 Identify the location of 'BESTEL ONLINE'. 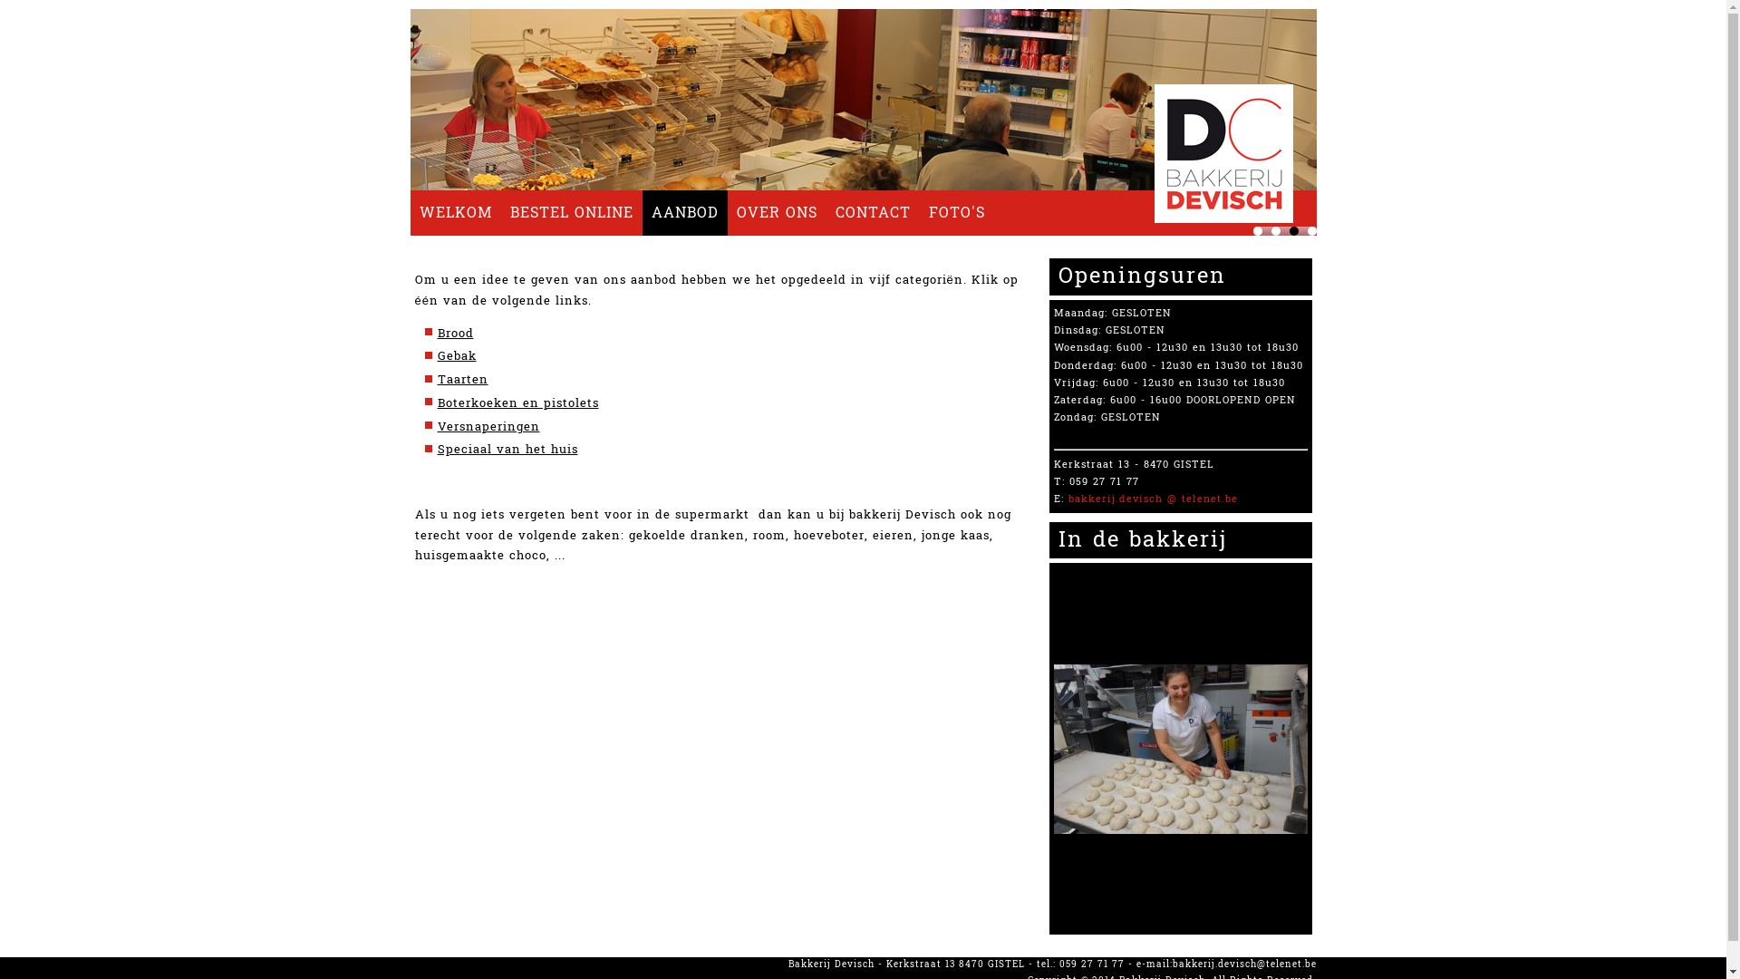
(569, 212).